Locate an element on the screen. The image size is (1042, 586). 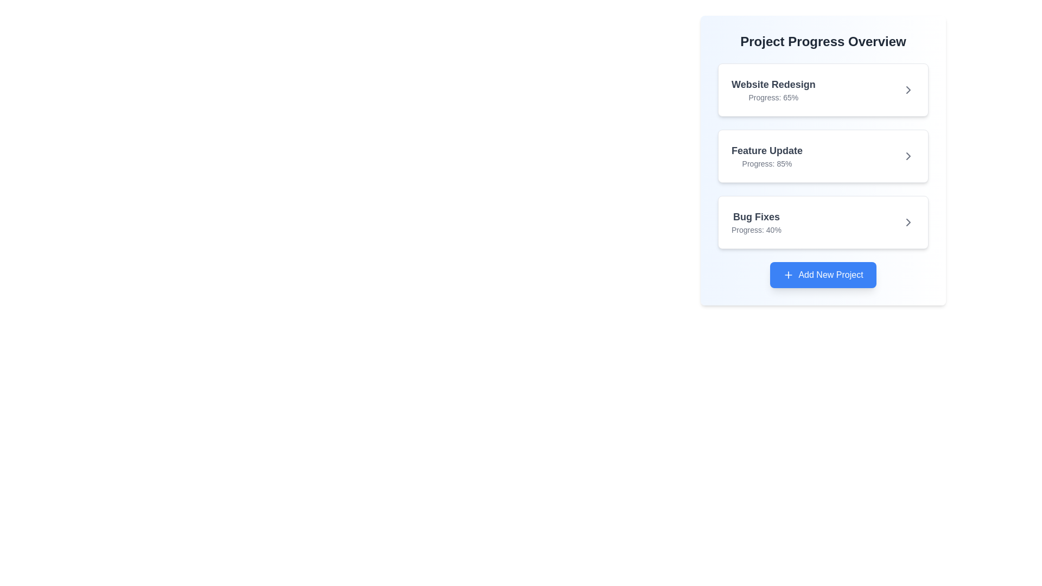
the icon button located at the right end of the 'Feature Update' row, adjacent to the text 'Progress: 85%' is located at coordinates (908, 156).